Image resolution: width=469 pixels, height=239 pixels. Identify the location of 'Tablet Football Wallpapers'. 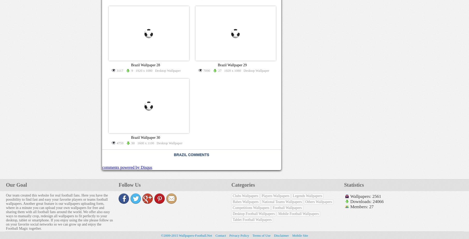
(252, 219).